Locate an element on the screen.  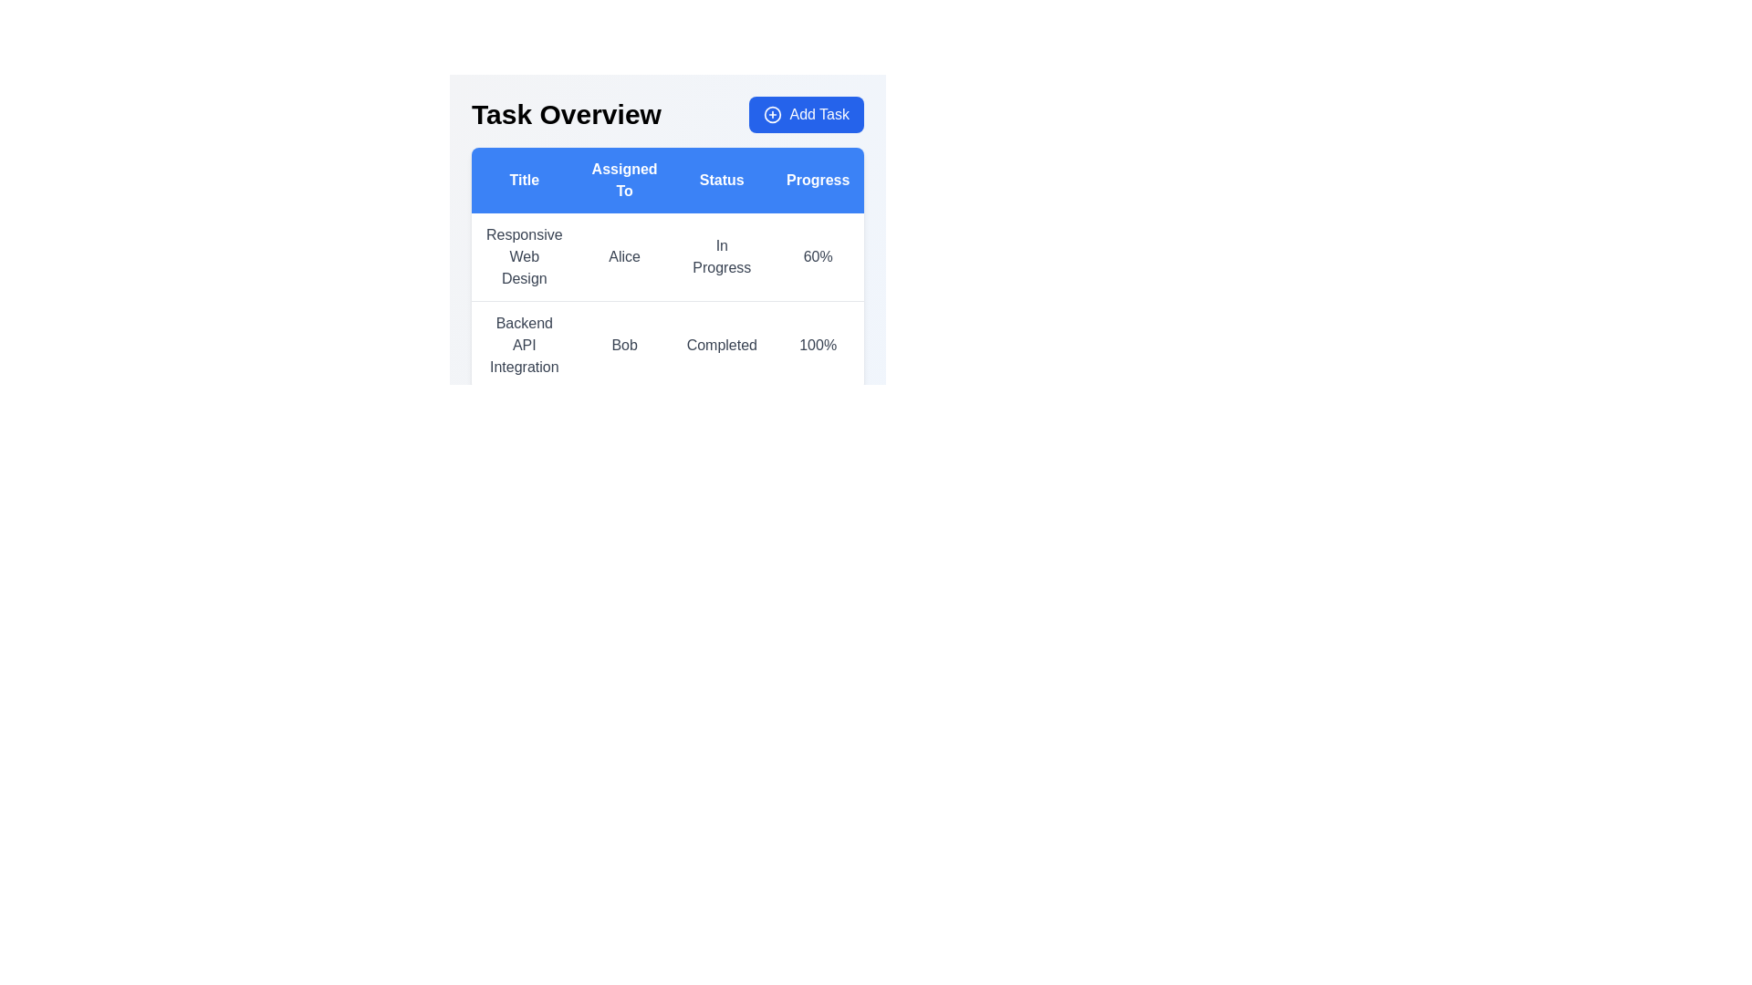
the text label representing 'Alice' assigned to the 'Responsive Web Design' task is located at coordinates (624, 257).